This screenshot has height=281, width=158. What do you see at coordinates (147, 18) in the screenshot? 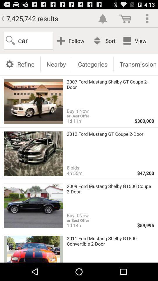
I see `the three dots button on the top right corner of the web page` at bounding box center [147, 18].